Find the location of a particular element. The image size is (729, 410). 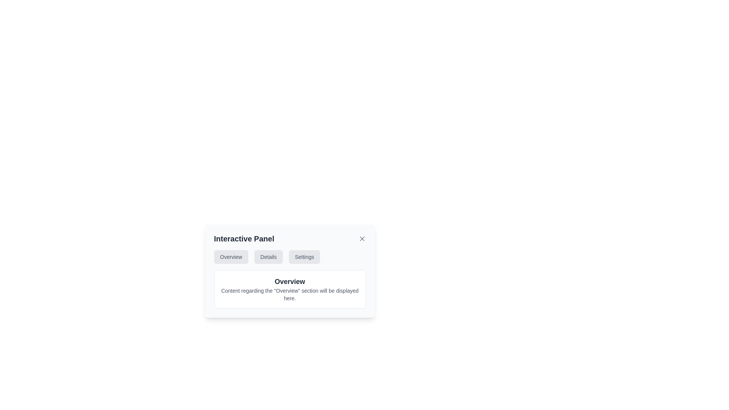

the 'Overview' button in the Navigation bar to change its hover state is located at coordinates (289, 257).